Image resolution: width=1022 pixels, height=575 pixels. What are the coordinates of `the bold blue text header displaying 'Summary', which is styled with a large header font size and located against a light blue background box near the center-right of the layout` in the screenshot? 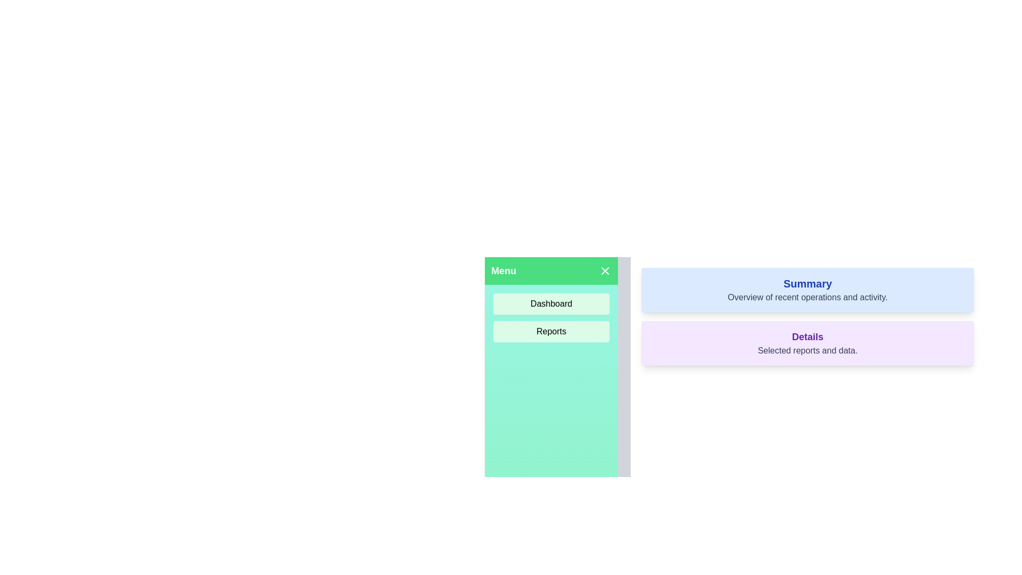 It's located at (807, 283).